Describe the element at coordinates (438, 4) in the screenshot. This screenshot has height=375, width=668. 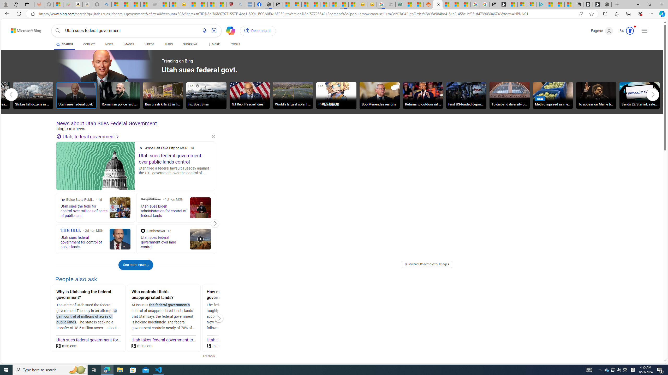
I see `'Utah sues federal government - Search'` at that location.